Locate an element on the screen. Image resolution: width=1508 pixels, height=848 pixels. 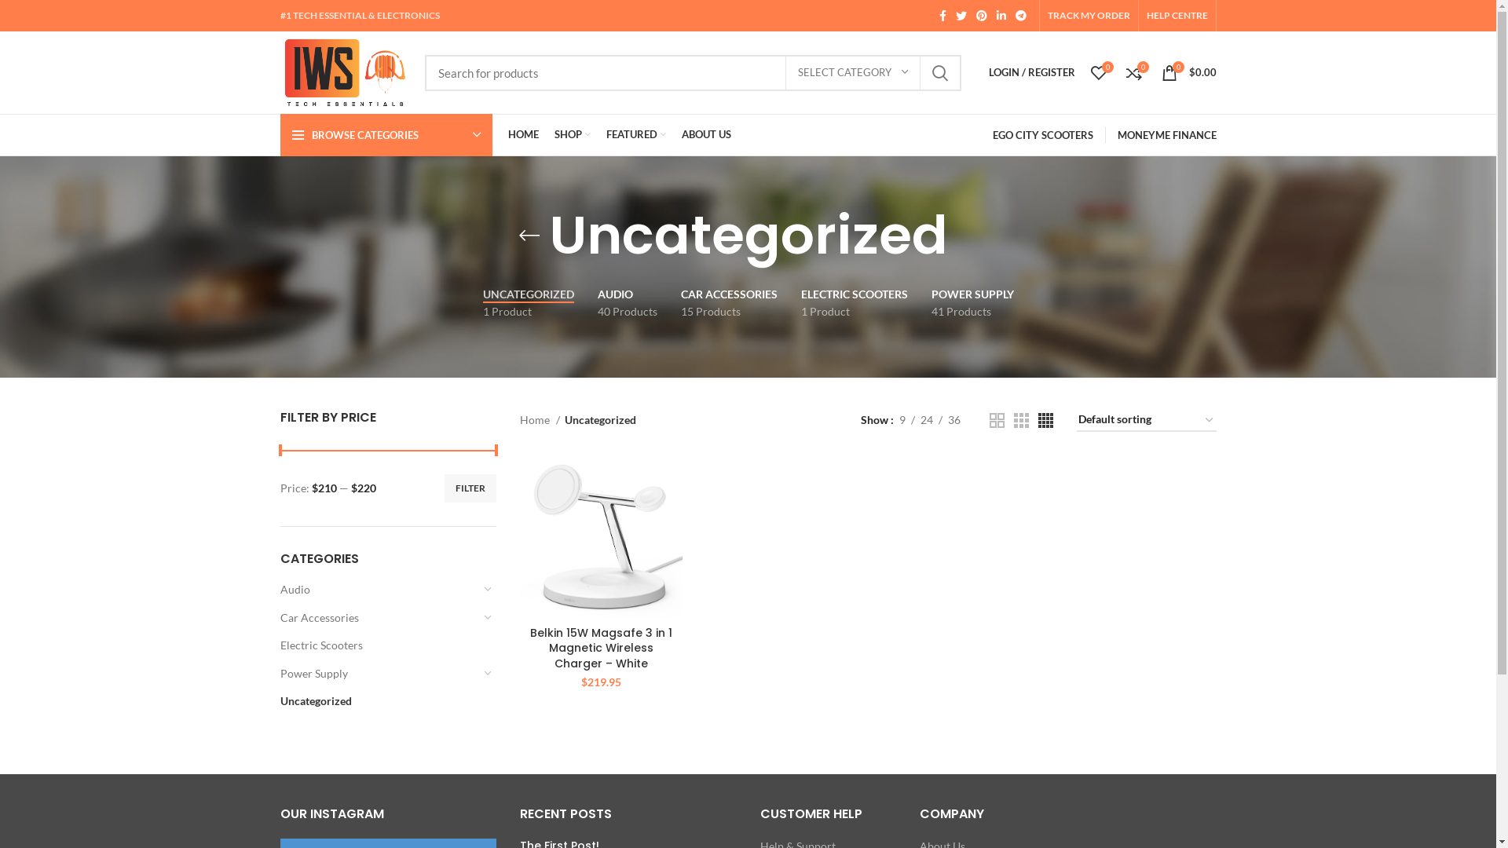
'HOME' is located at coordinates (522, 134).